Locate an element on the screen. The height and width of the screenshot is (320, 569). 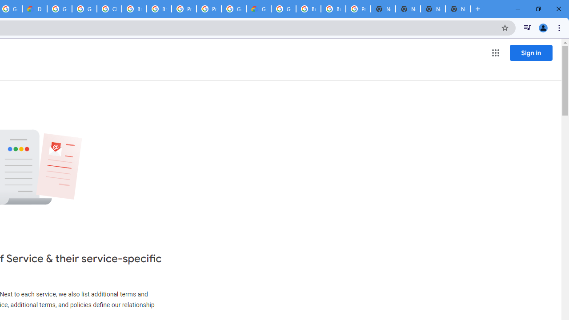
'New Tab' is located at coordinates (458, 9).